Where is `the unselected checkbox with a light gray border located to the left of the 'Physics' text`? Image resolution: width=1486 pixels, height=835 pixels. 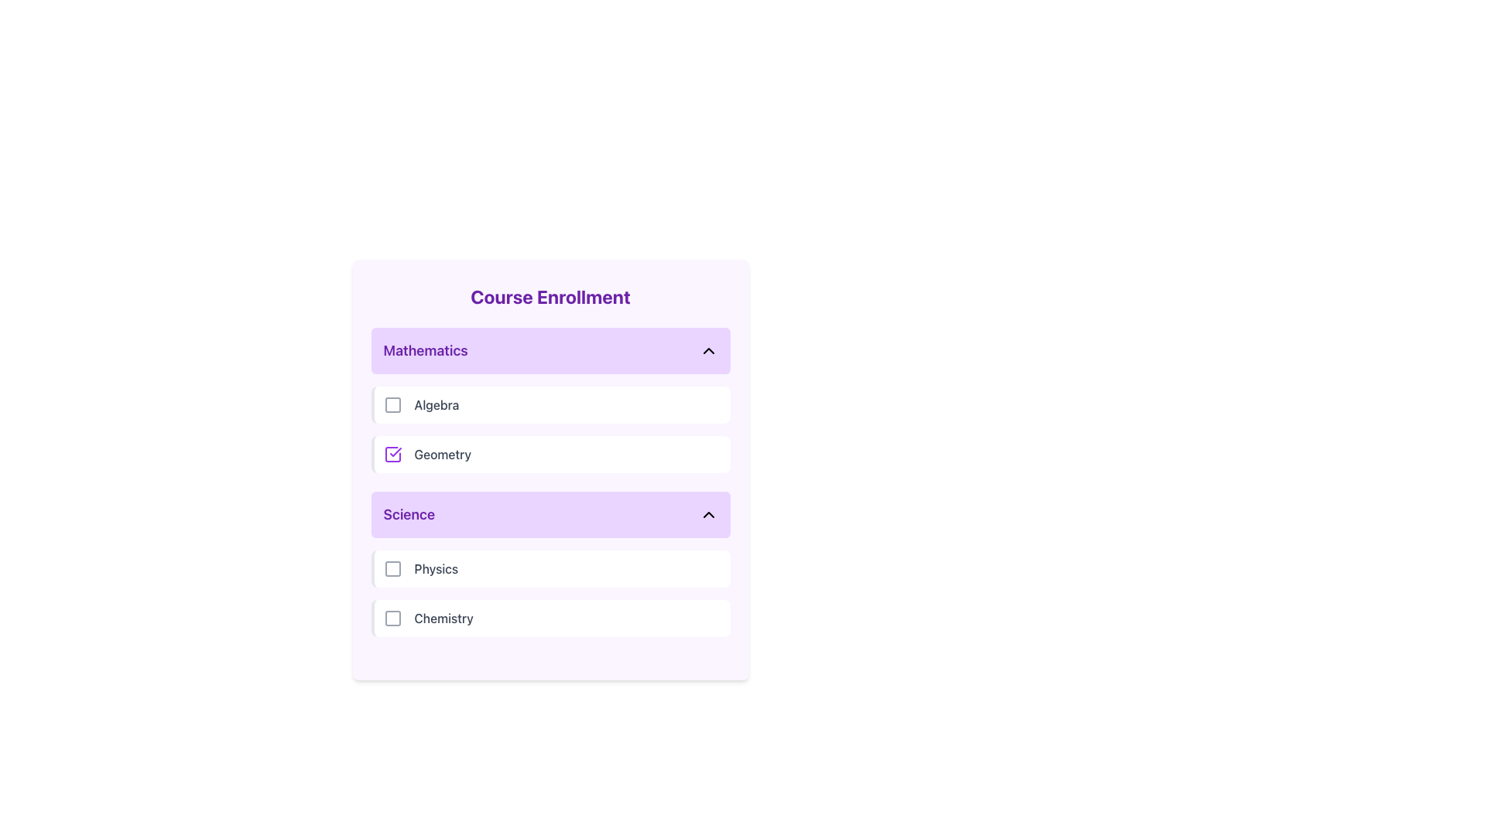 the unselected checkbox with a light gray border located to the left of the 'Physics' text is located at coordinates (392, 569).